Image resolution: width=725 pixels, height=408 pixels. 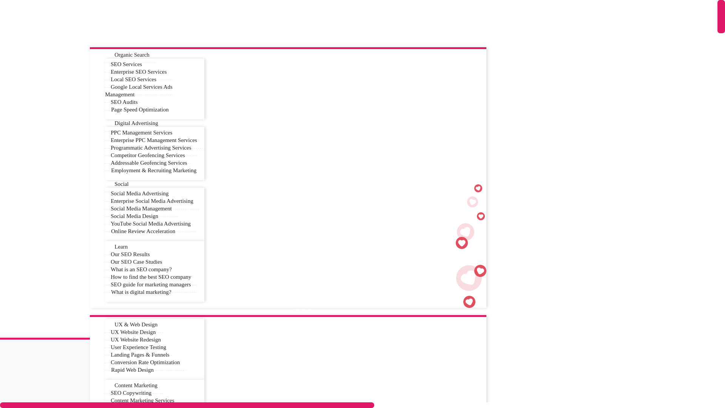 What do you see at coordinates (105, 277) in the screenshot?
I see `'How to find the best SEO company'` at bounding box center [105, 277].